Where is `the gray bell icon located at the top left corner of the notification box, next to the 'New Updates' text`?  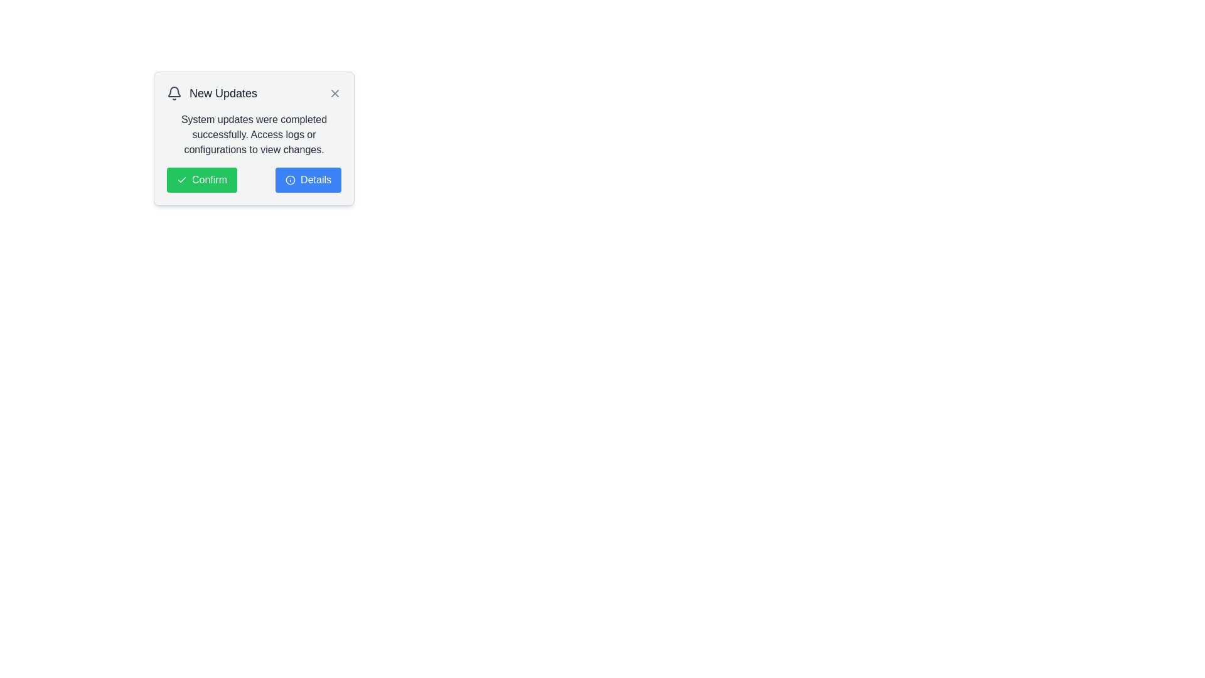 the gray bell icon located at the top left corner of the notification box, next to the 'New Updates' text is located at coordinates (174, 93).